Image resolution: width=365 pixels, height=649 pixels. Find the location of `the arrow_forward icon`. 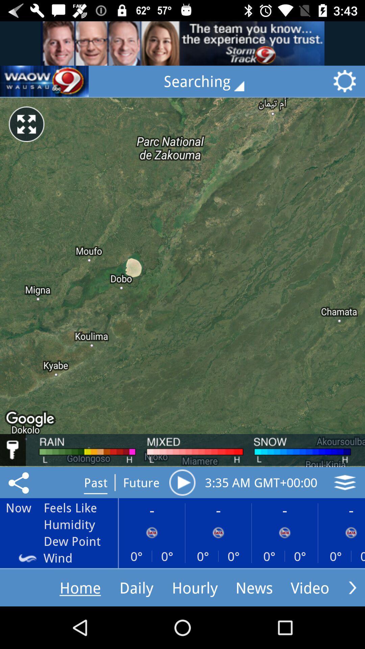

the arrow_forward icon is located at coordinates (352, 587).